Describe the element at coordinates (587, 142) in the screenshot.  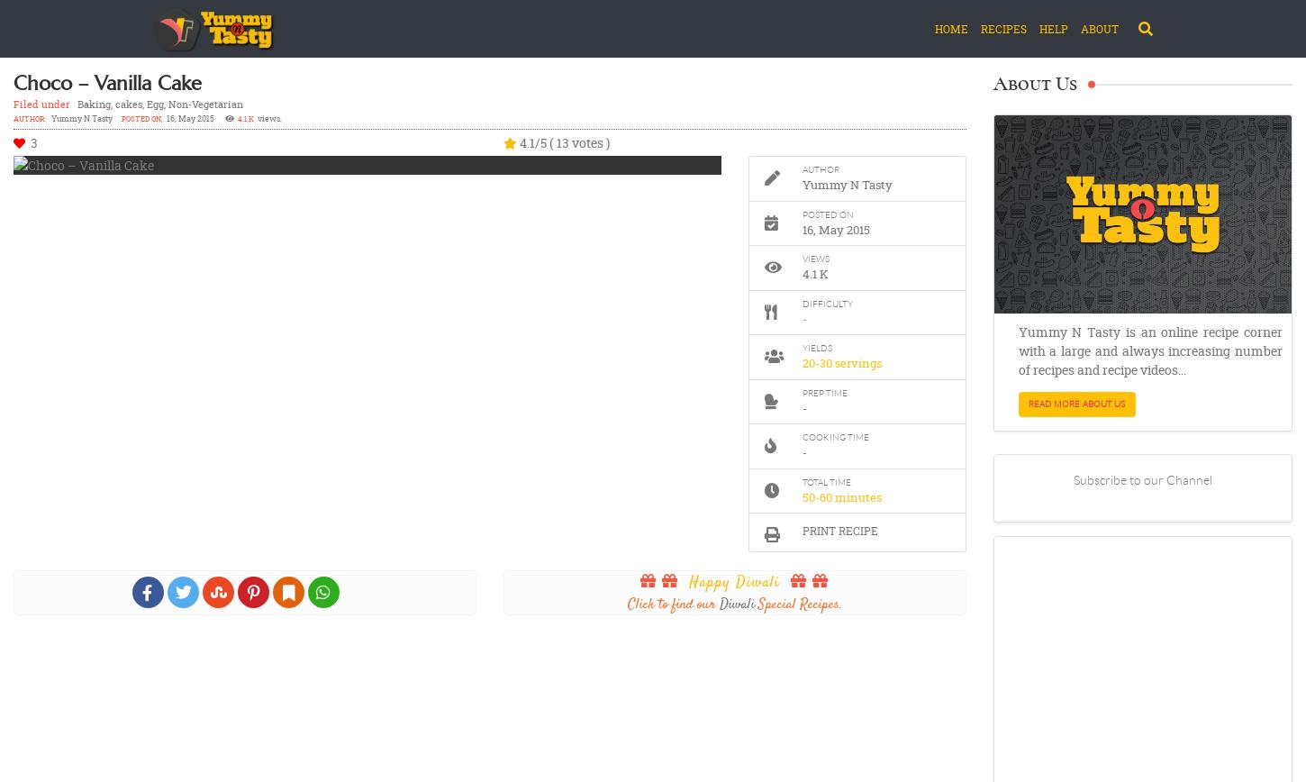
I see `'votes )'` at that location.